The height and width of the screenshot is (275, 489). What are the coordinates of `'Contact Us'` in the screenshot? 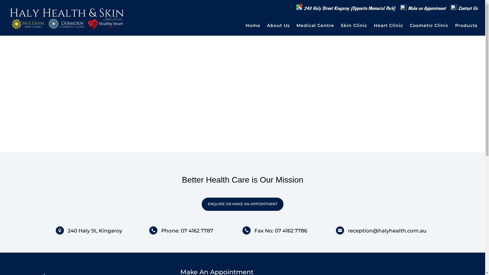 It's located at (464, 10).